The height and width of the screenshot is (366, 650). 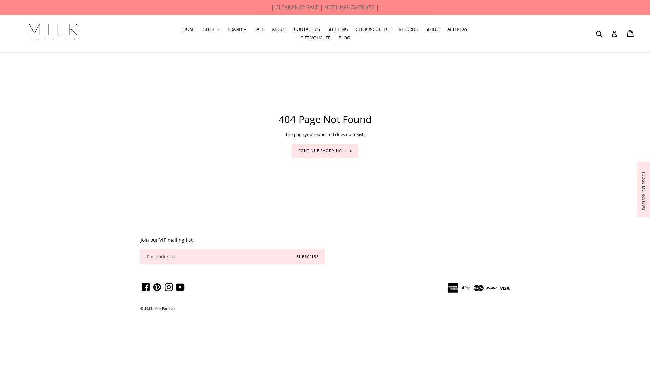 I want to click on 'SALE', so click(x=250, y=29).